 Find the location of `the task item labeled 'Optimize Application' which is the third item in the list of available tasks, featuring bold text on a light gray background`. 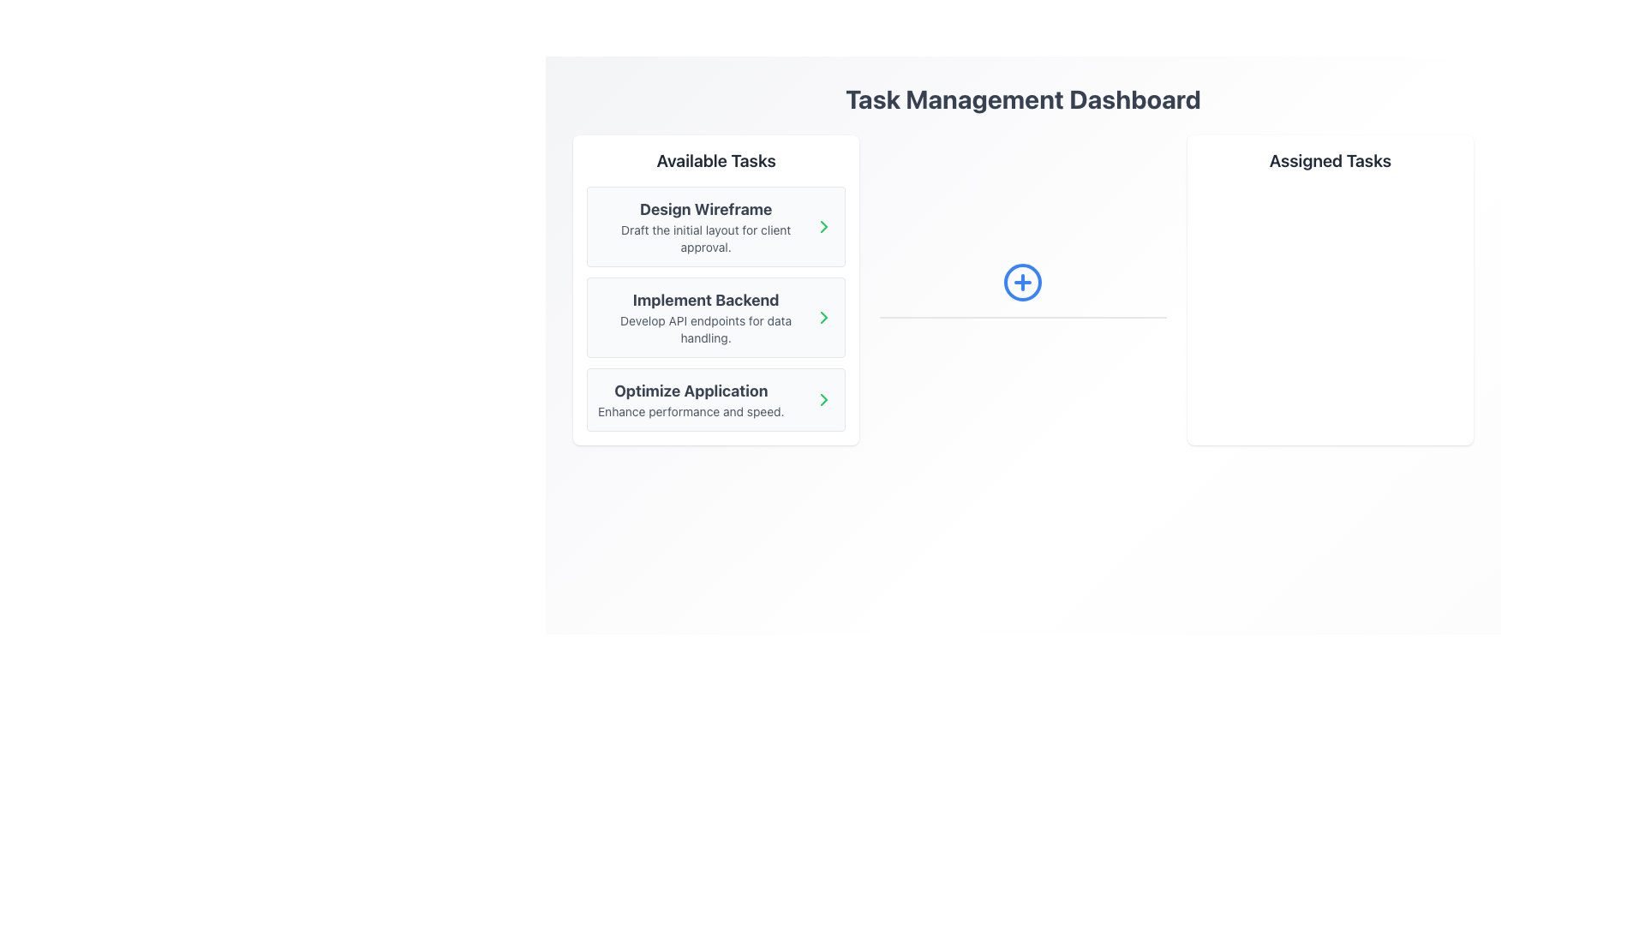

the task item labeled 'Optimize Application' which is the third item in the list of available tasks, featuring bold text on a light gray background is located at coordinates (691, 399).